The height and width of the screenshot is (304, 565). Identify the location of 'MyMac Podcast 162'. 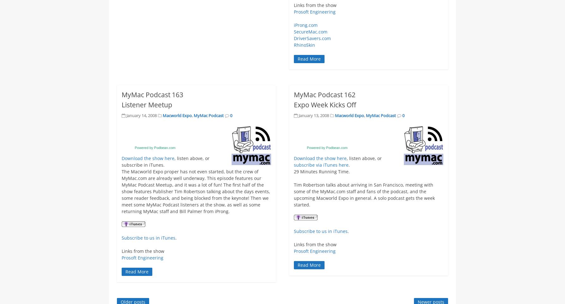
(294, 94).